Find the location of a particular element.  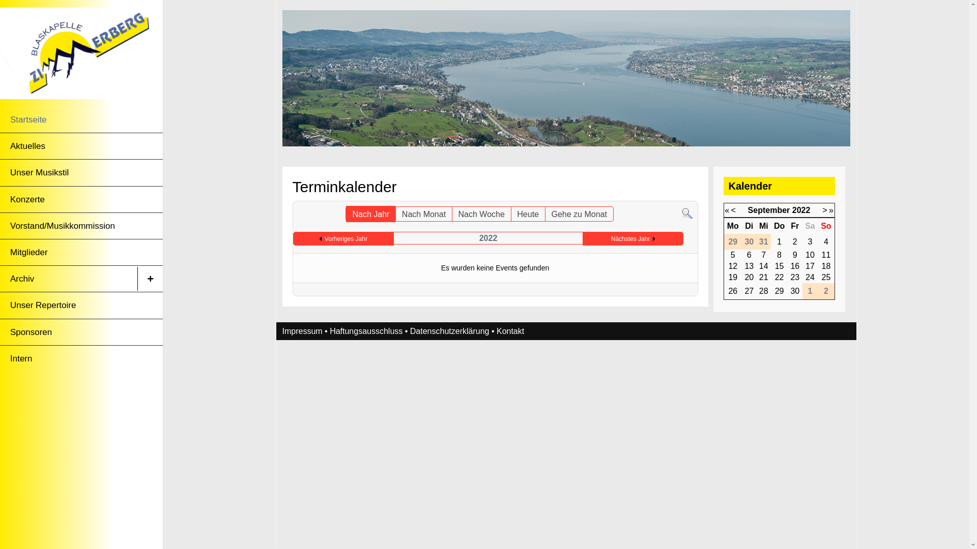

'13' is located at coordinates (749, 265).